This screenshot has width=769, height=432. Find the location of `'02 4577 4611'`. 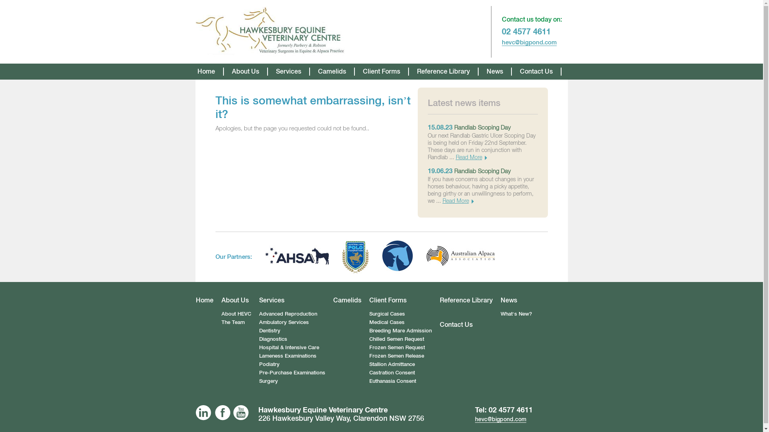

'02 4577 4611' is located at coordinates (510, 409).